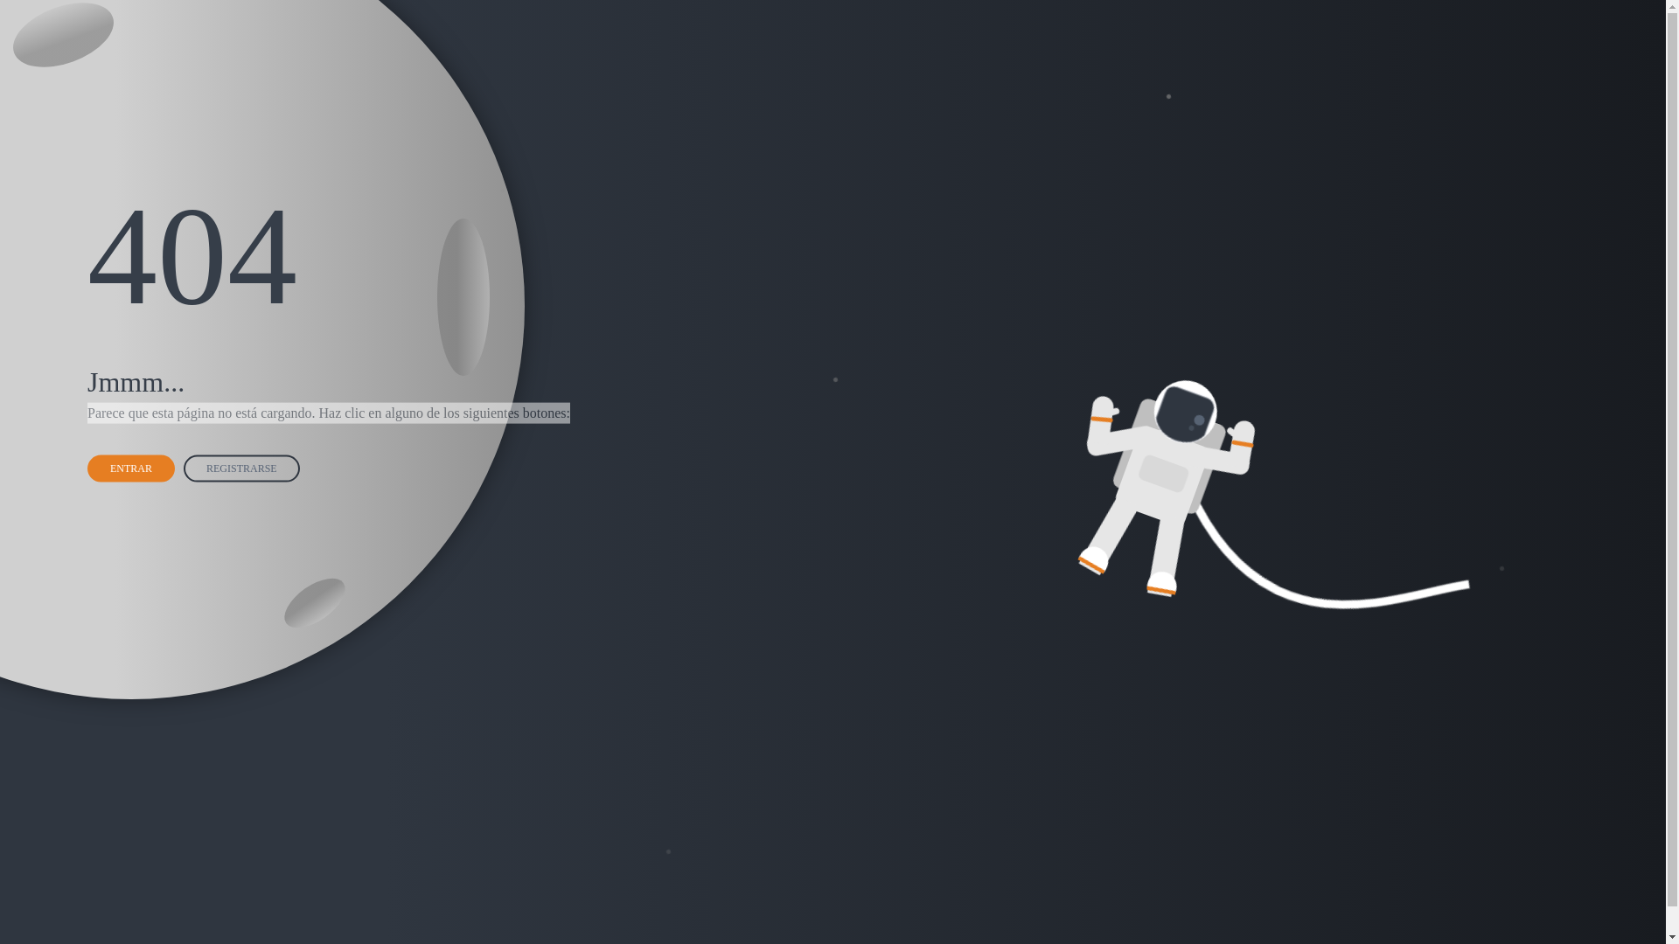 Image resolution: width=1679 pixels, height=944 pixels. What do you see at coordinates (133, 466) in the screenshot?
I see `'ENTRAR'` at bounding box center [133, 466].